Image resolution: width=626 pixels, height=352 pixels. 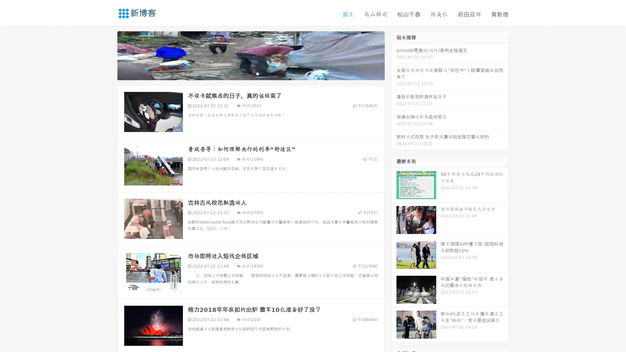 I want to click on Go to slide 1, so click(x=244, y=73).